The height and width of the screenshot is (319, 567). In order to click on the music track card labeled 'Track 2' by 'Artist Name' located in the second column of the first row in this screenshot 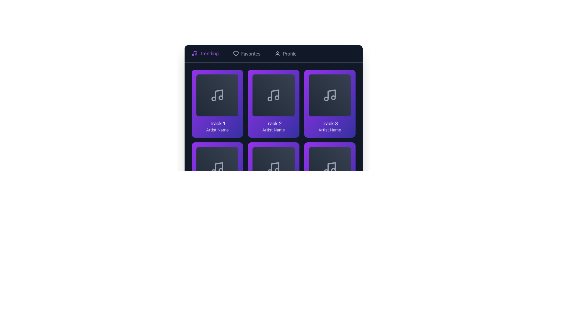, I will do `click(273, 104)`.